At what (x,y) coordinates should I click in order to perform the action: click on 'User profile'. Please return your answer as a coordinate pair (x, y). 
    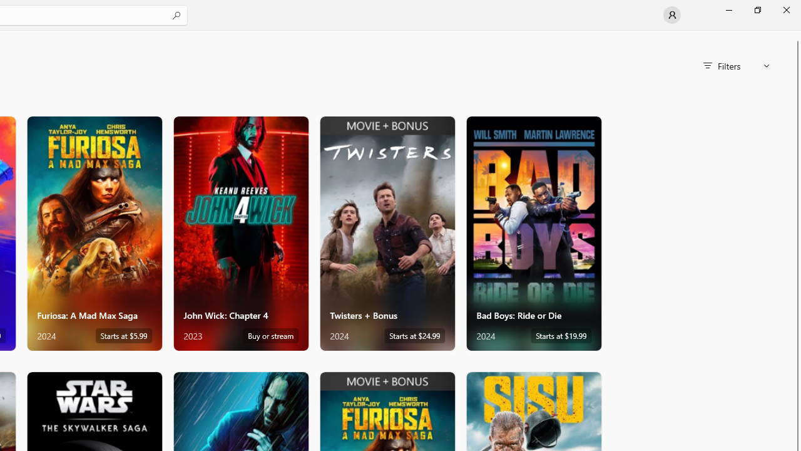
    Looking at the image, I should click on (671, 15).